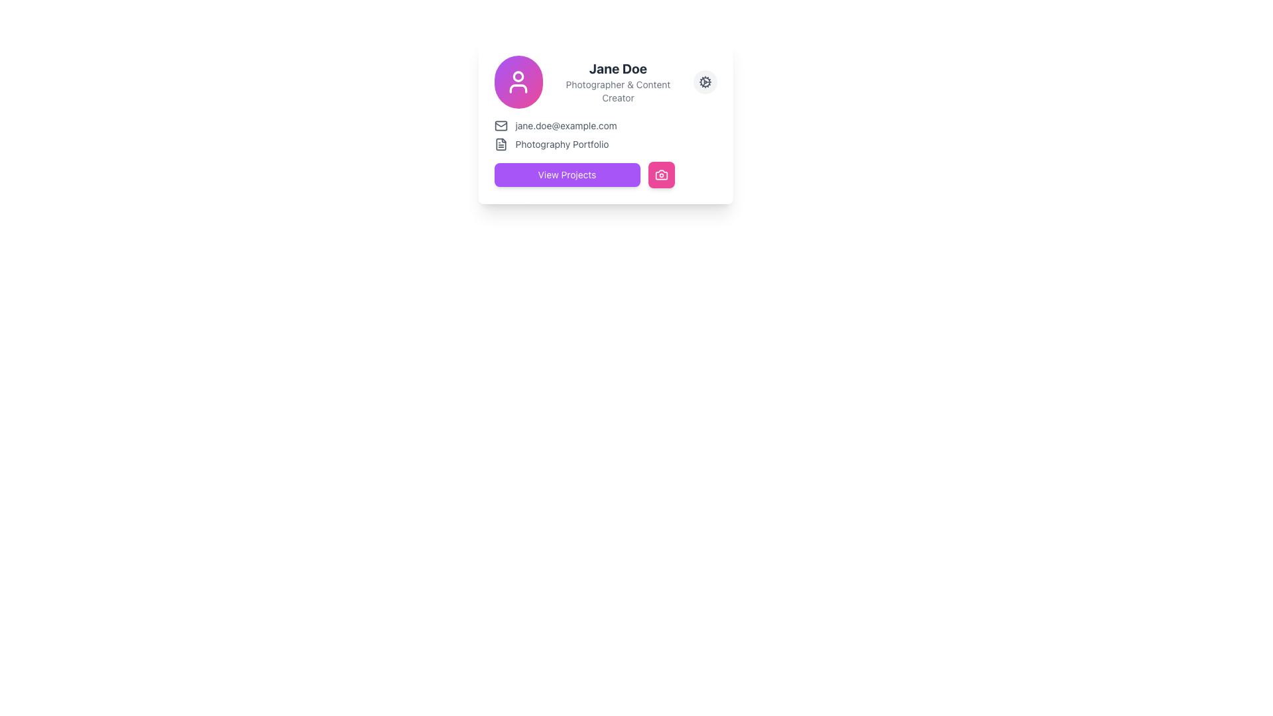 The image size is (1273, 716). What do you see at coordinates (562, 145) in the screenshot?
I see `static text element that displays 'Photography Portfolio', which is styled in a small gray font and located in the second row of the information card layout` at bounding box center [562, 145].